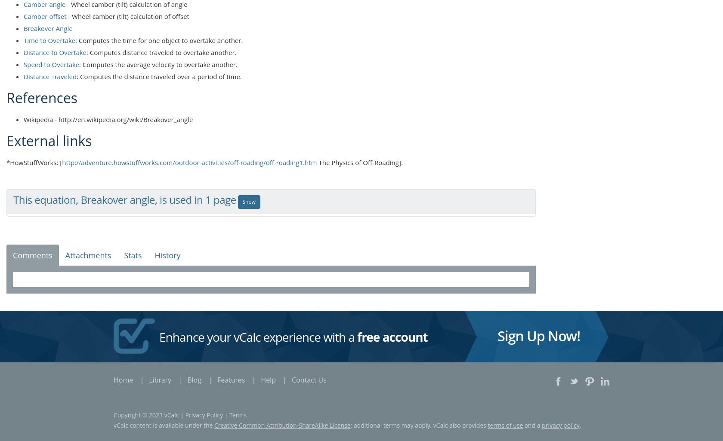 This screenshot has width=723, height=441. Describe the element at coordinates (13, 199) in the screenshot. I see `'This equation, Breakover angle, is used in 1 page'` at that location.